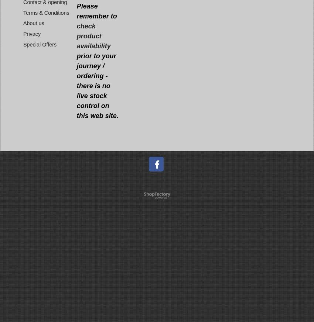 The height and width of the screenshot is (322, 314). What do you see at coordinates (175, 283) in the screenshot?
I see `'Opt out'` at bounding box center [175, 283].